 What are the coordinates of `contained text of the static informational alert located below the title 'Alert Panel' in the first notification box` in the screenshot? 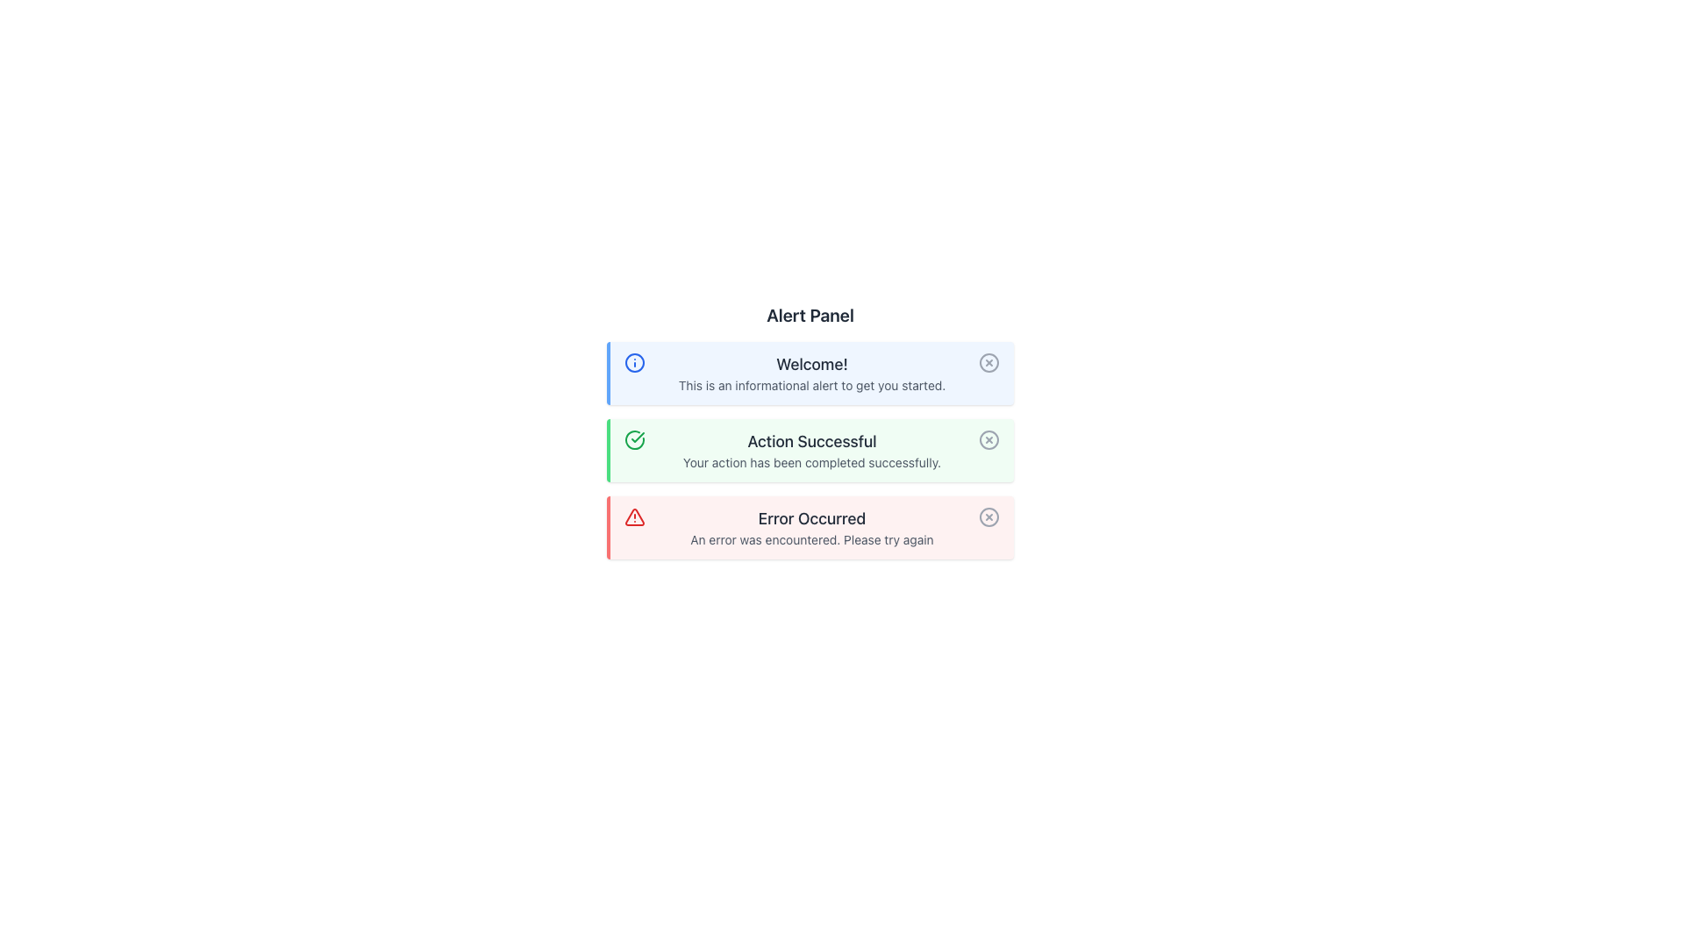 It's located at (811, 372).